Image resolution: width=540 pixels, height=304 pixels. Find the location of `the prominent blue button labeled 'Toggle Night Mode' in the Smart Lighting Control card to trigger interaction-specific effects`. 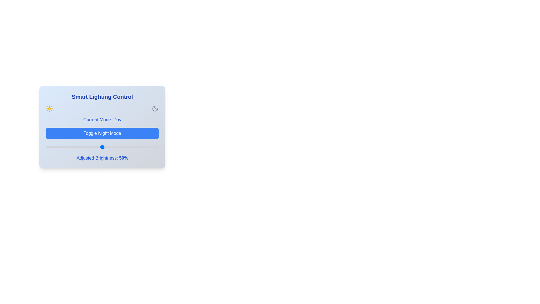

the prominent blue button labeled 'Toggle Night Mode' in the Smart Lighting Control card to trigger interaction-specific effects is located at coordinates (102, 127).